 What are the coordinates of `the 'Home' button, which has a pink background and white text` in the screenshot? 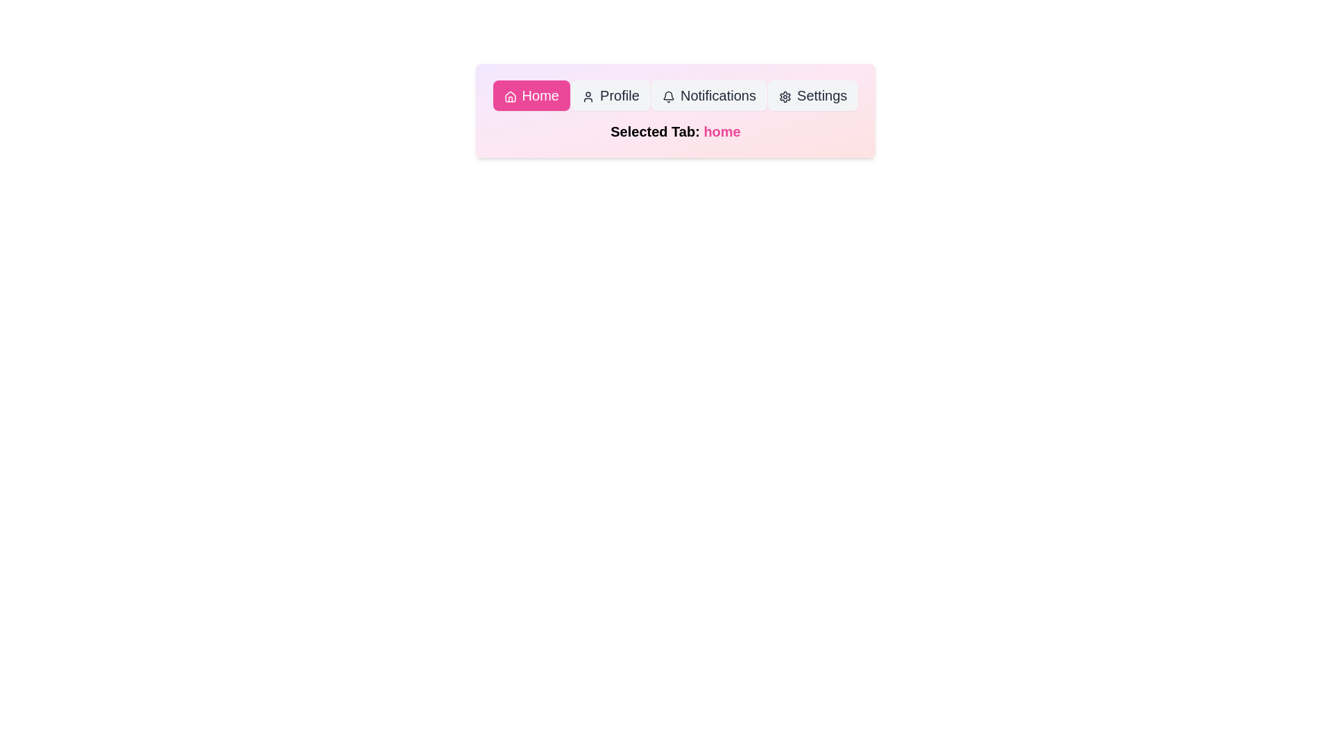 It's located at (531, 95).